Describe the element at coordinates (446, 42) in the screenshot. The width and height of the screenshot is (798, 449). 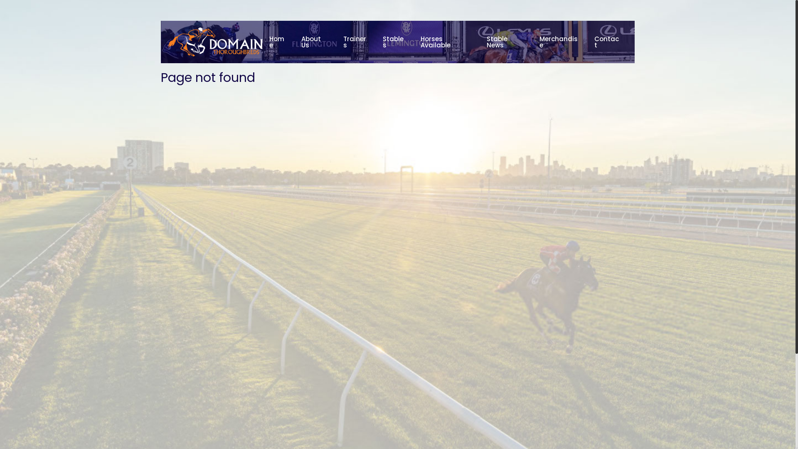
I see `'Horses Available'` at that location.